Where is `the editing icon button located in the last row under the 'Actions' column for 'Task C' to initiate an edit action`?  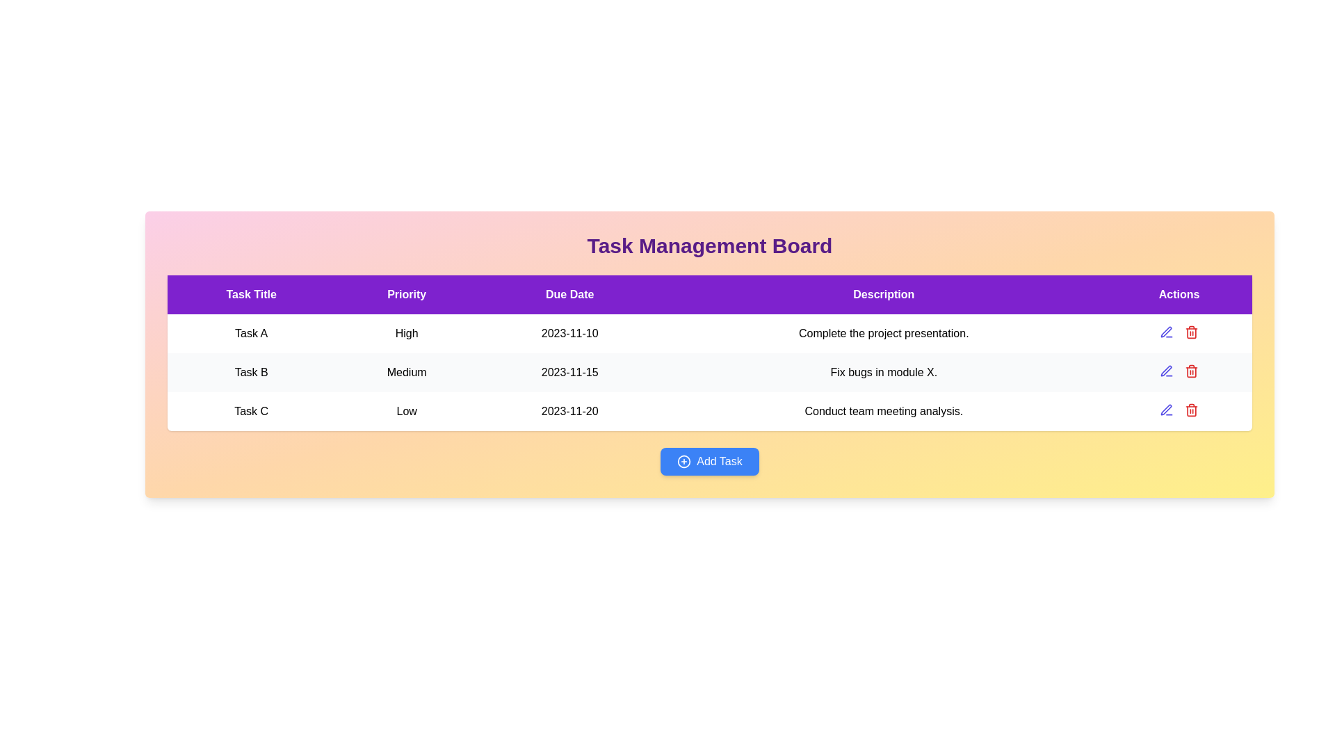 the editing icon button located in the last row under the 'Actions' column for 'Task C' to initiate an edit action is located at coordinates (1166, 409).